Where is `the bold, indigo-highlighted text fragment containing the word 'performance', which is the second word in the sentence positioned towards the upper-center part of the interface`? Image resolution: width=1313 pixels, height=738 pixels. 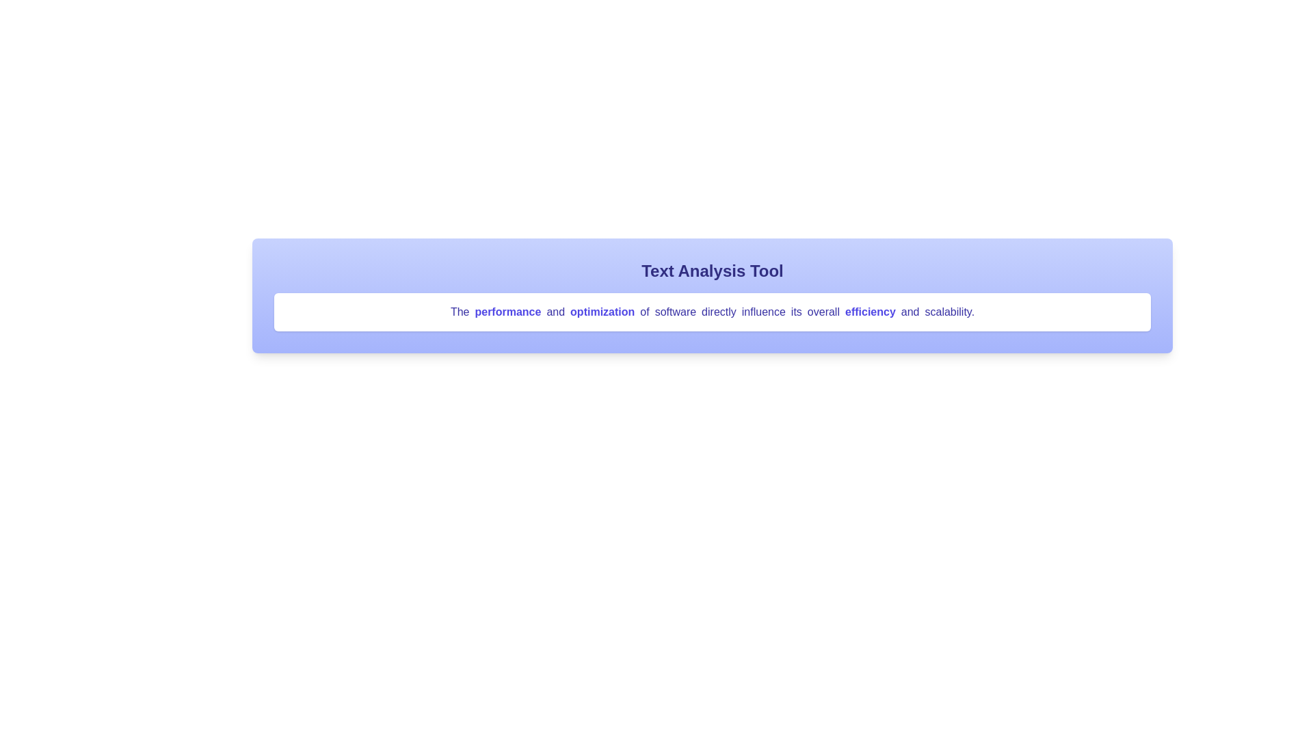
the bold, indigo-highlighted text fragment containing the word 'performance', which is the second word in the sentence positioned towards the upper-center part of the interface is located at coordinates (507, 312).